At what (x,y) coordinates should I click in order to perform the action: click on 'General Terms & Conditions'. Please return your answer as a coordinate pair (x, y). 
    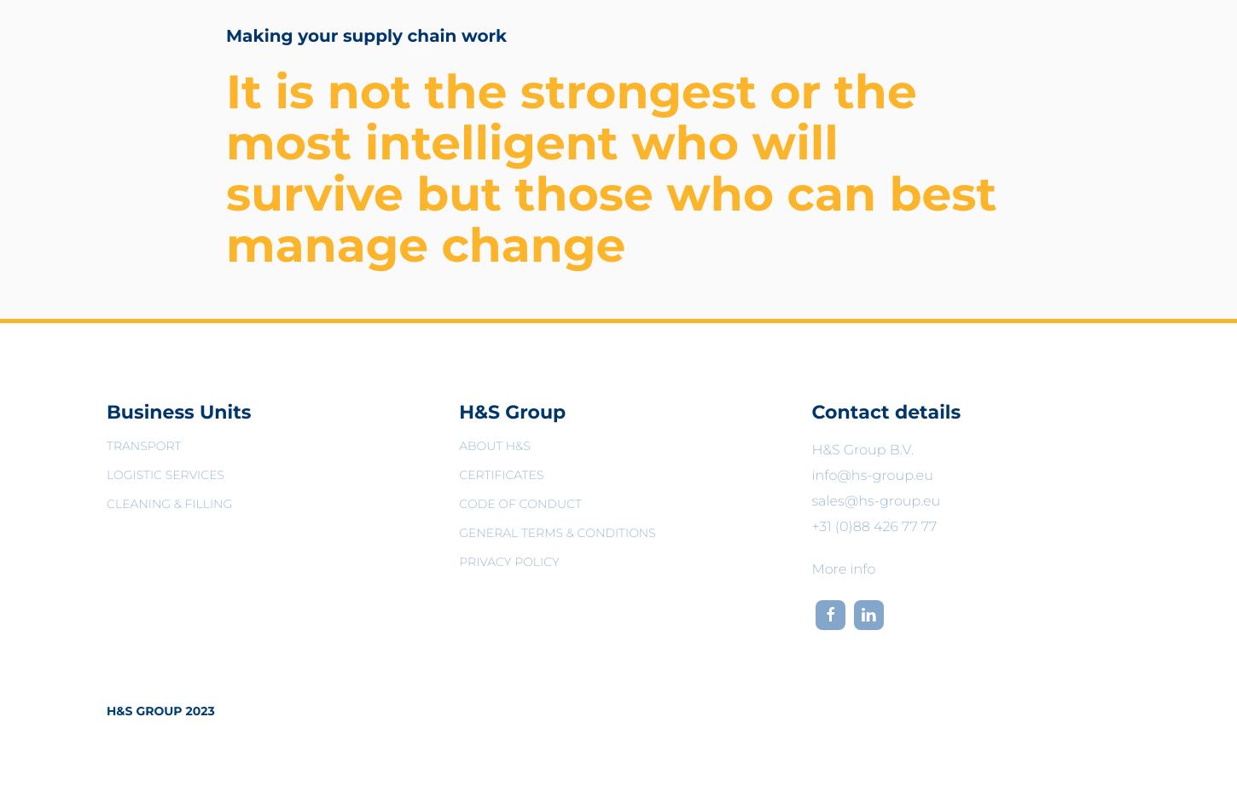
    Looking at the image, I should click on (555, 532).